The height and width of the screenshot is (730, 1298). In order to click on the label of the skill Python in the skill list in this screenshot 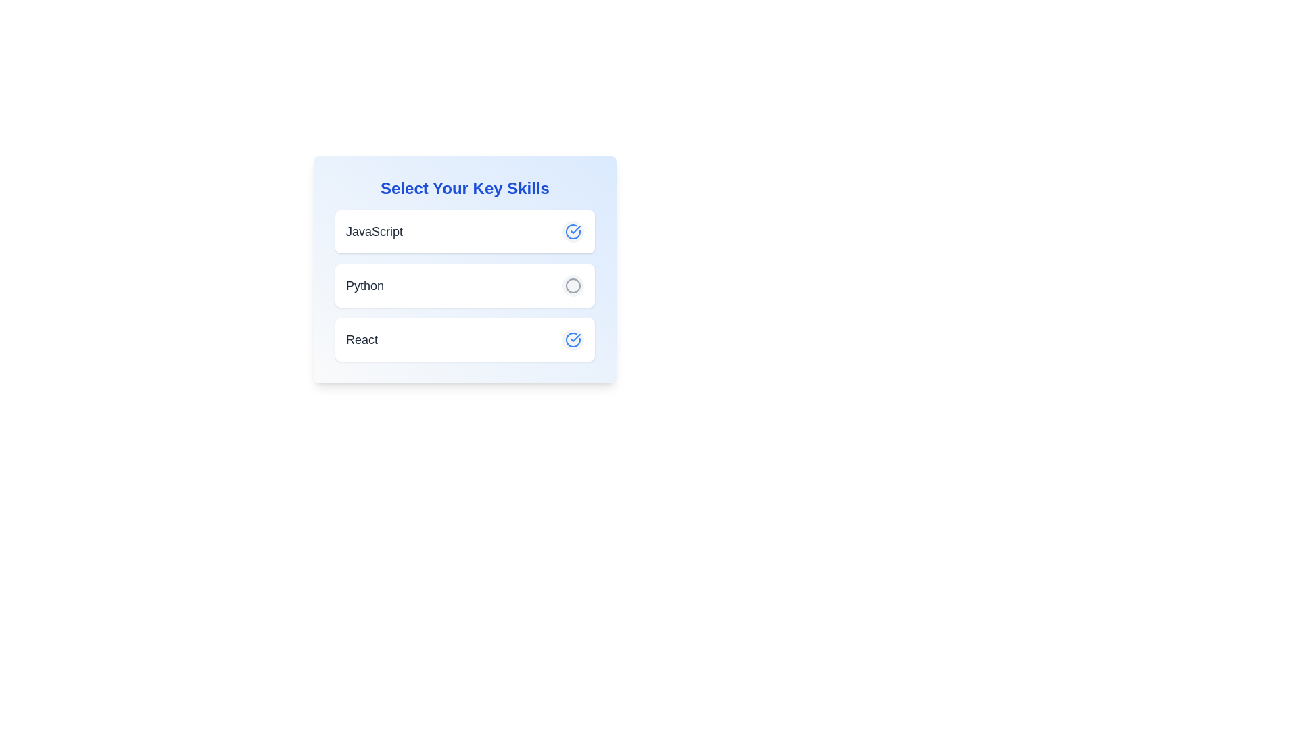, I will do `click(364, 285)`.